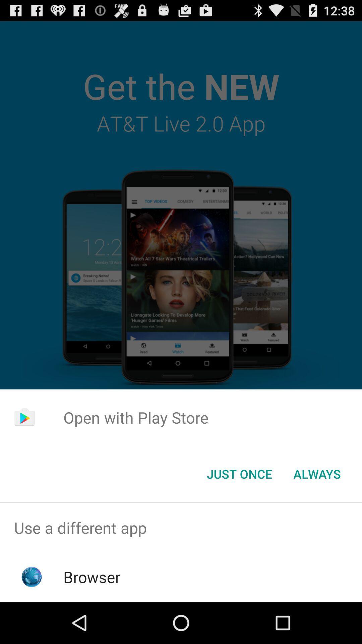 Image resolution: width=362 pixels, height=644 pixels. Describe the element at coordinates (317, 473) in the screenshot. I see `item next to just once icon` at that location.